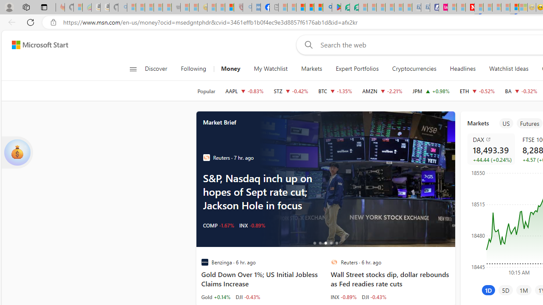 The image size is (543, 305). What do you see at coordinates (452, 7) in the screenshot?
I see `'Microsoft account | Privacy - Sleeping'` at bounding box center [452, 7].